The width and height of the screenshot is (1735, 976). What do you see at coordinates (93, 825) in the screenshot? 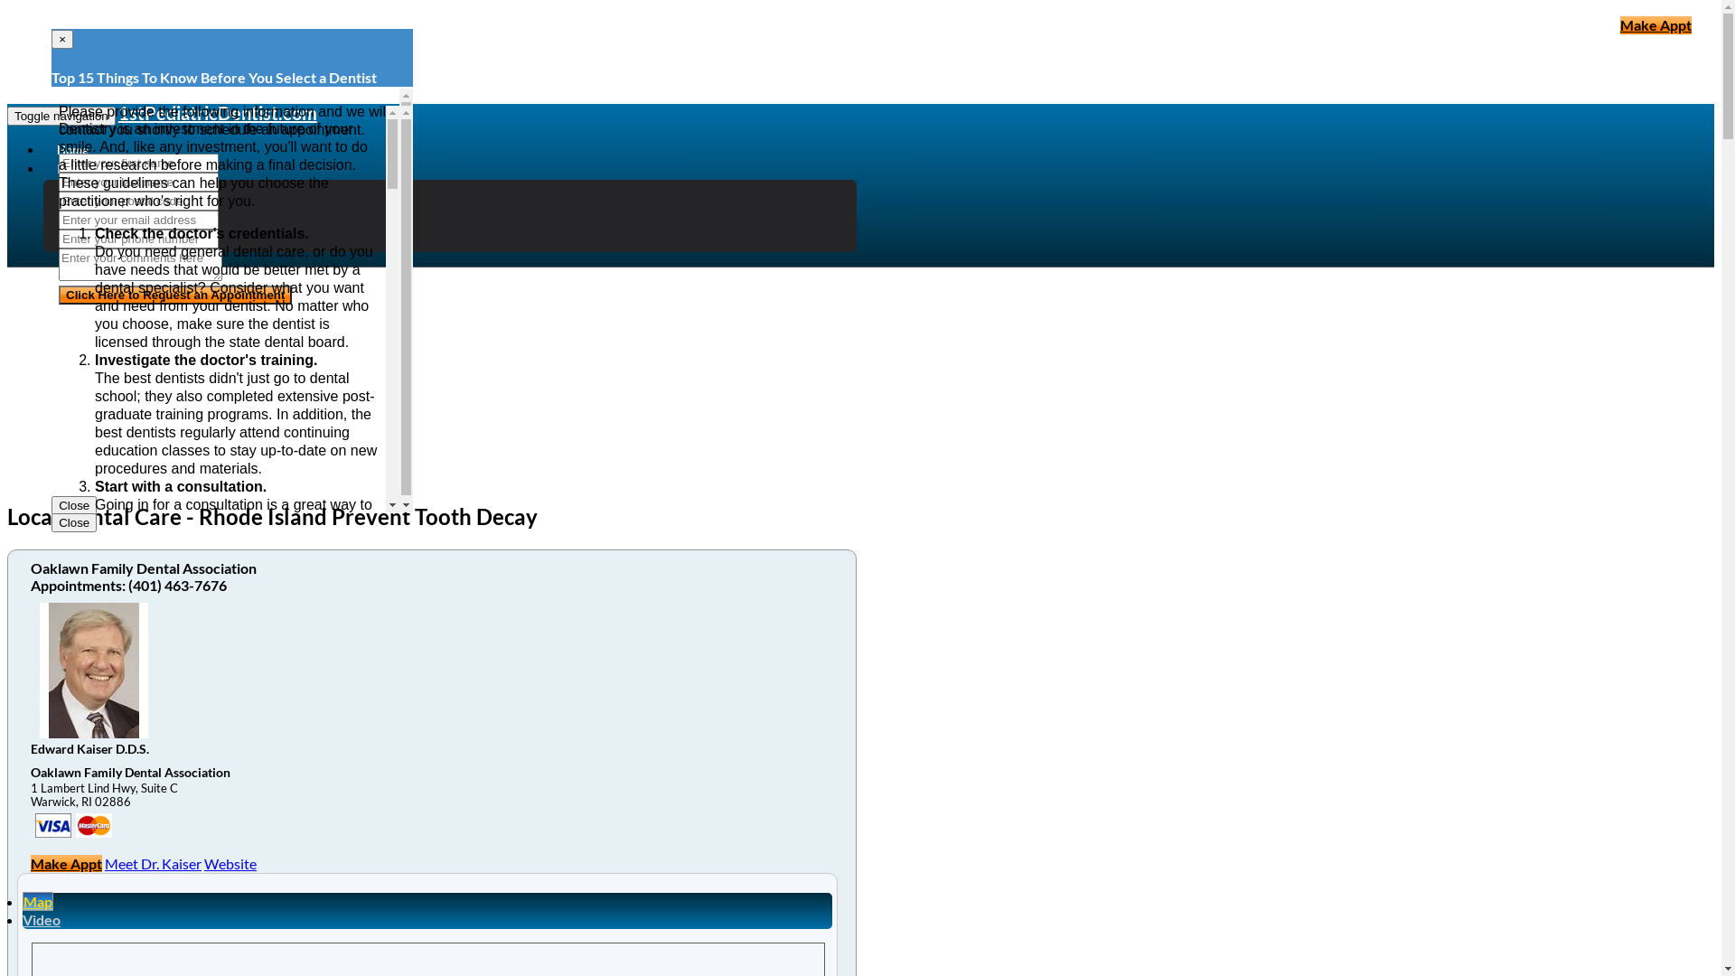
I see `'my title'` at bounding box center [93, 825].